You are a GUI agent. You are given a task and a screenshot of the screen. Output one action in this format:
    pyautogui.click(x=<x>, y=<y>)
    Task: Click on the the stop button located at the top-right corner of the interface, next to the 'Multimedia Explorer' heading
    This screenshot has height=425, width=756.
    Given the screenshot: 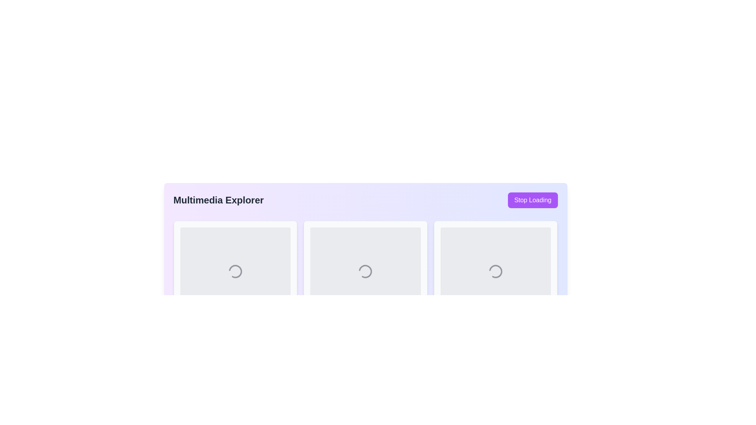 What is the action you would take?
    pyautogui.click(x=533, y=200)
    